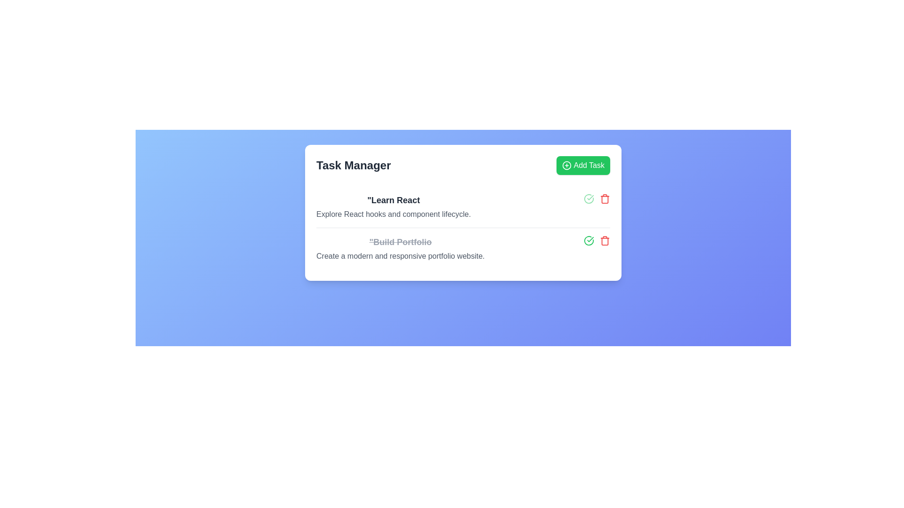 The height and width of the screenshot is (508, 904). What do you see at coordinates (394, 206) in the screenshot?
I see `the text content displaying the title and description of the first task entry in the task list interface for additional information` at bounding box center [394, 206].